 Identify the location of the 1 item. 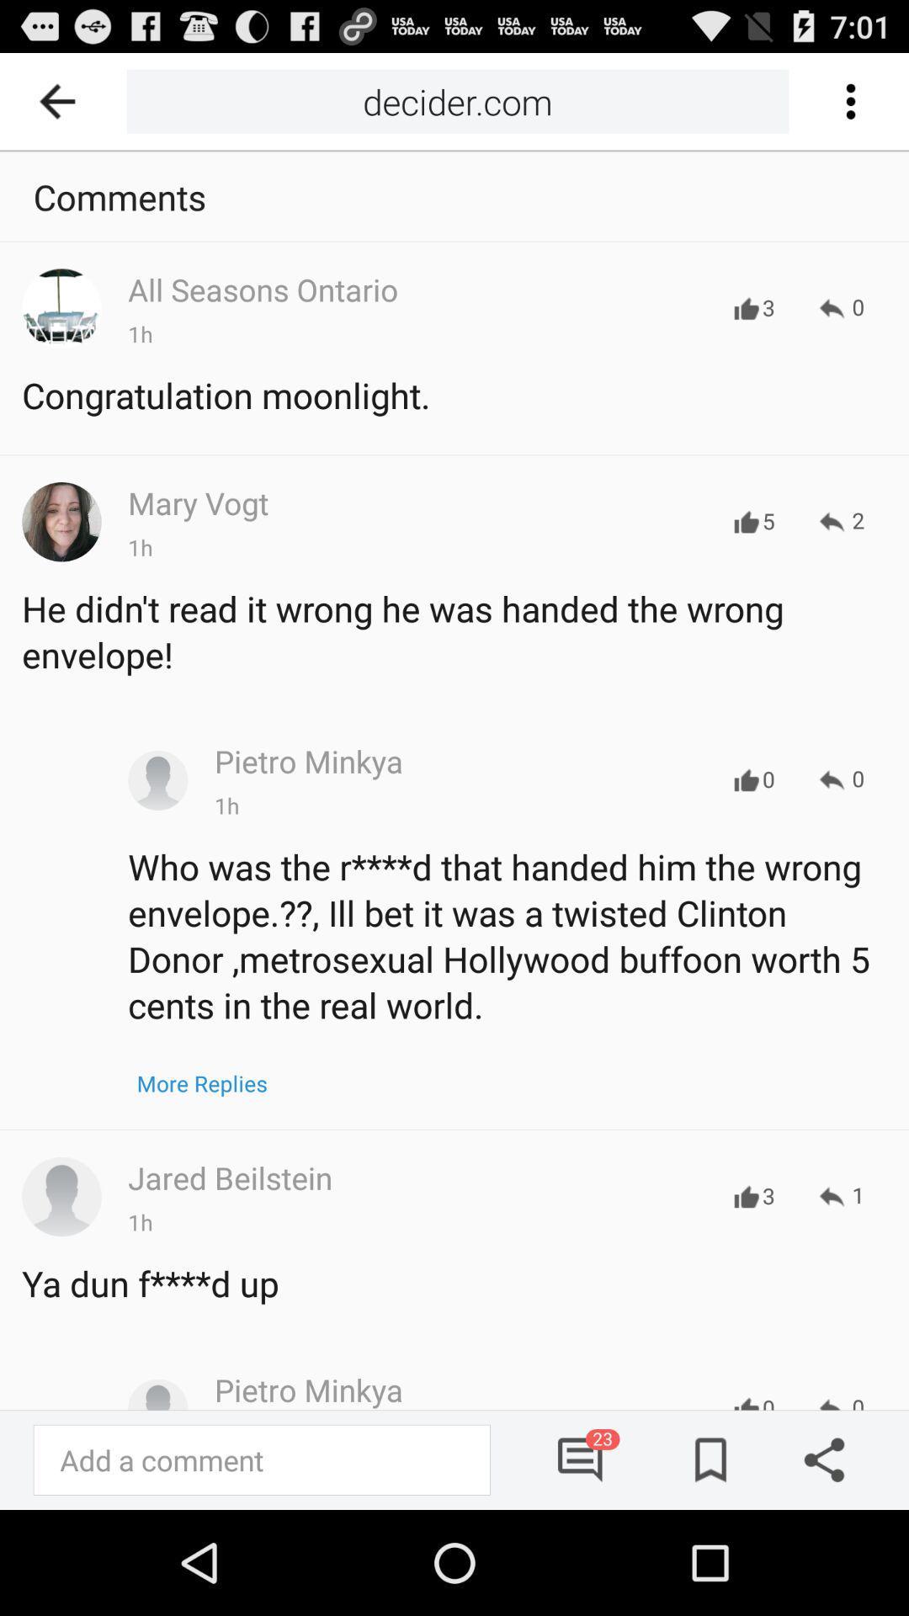
(842, 1195).